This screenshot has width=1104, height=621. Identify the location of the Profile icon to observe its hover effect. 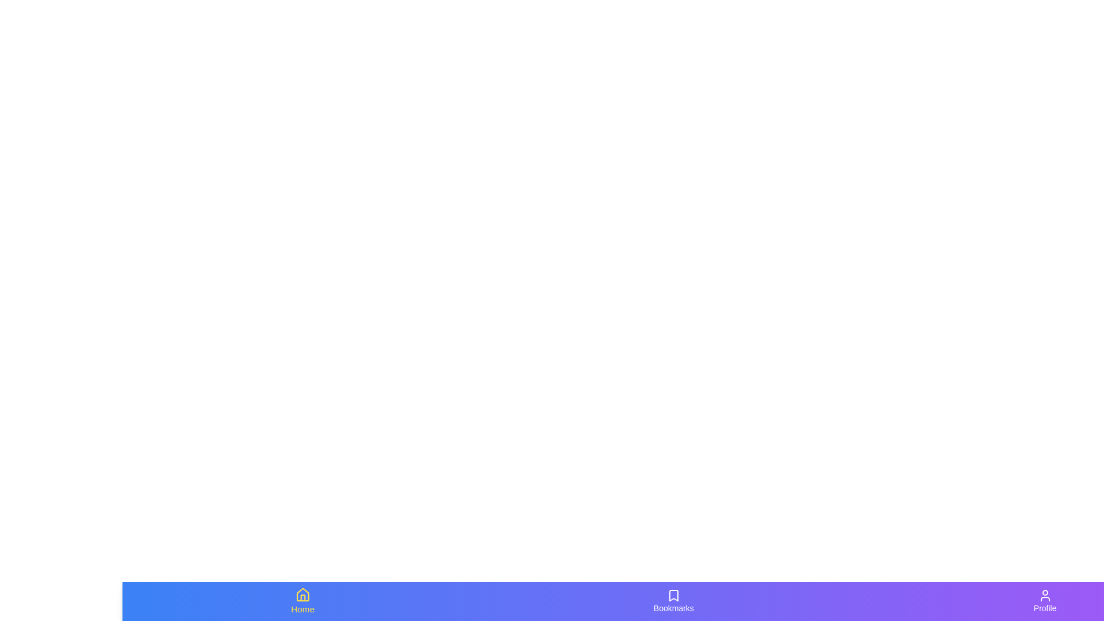
(1045, 600).